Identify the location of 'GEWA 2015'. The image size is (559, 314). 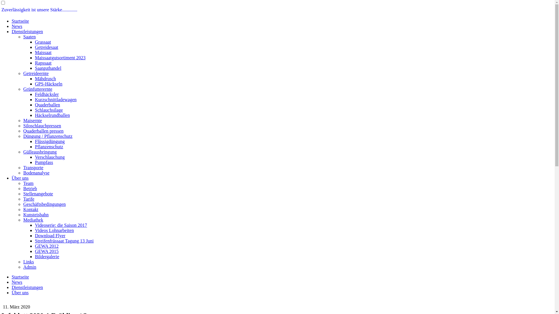
(47, 251).